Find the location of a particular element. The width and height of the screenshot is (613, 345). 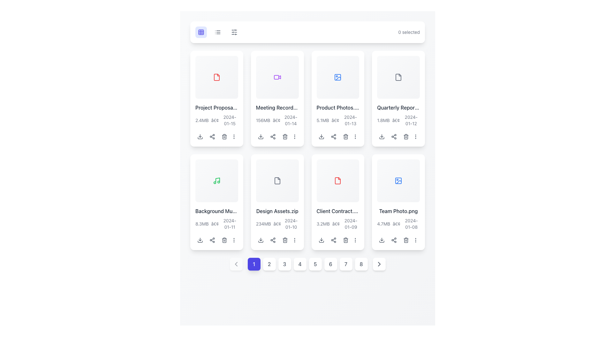

the delete button for the 'Quarterly Report' entry is located at coordinates (406, 136).